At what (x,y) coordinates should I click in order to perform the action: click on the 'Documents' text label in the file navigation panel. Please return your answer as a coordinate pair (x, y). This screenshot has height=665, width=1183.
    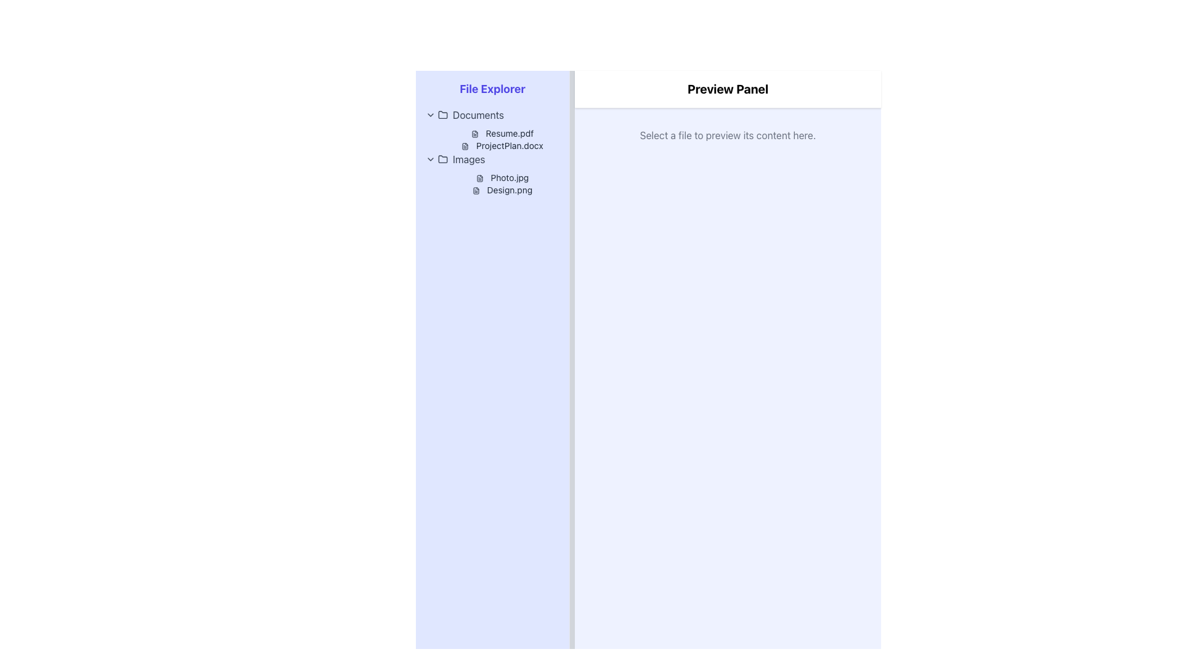
    Looking at the image, I should click on (478, 115).